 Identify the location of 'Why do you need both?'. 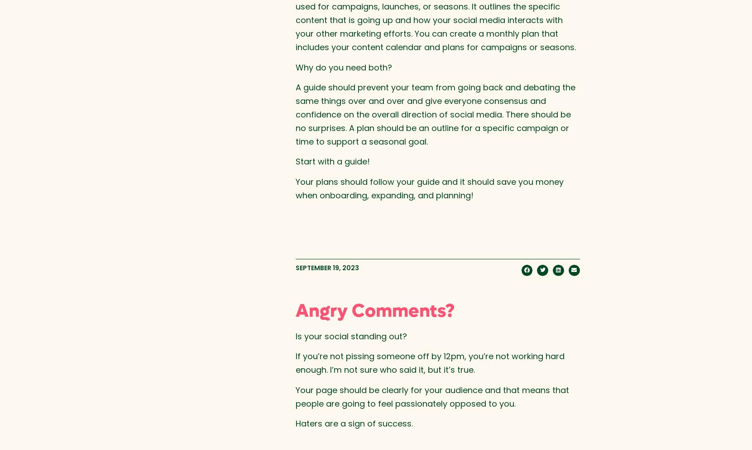
(295, 66).